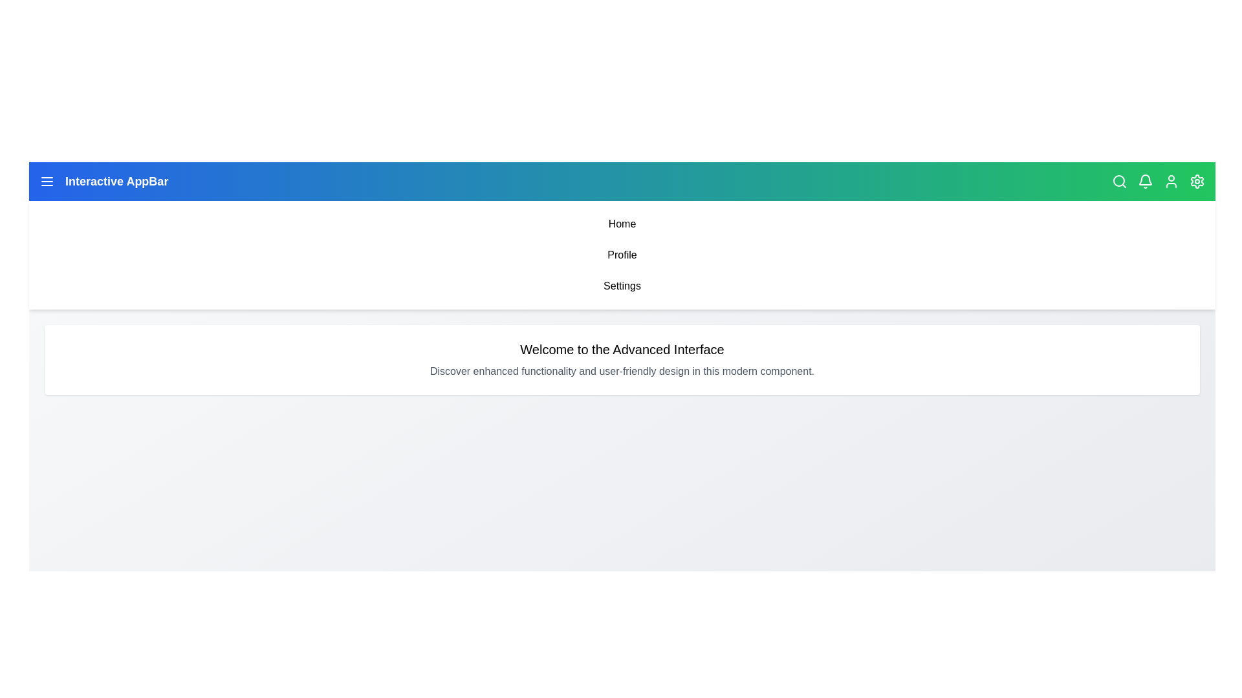  Describe the element at coordinates (47, 182) in the screenshot. I see `the hamburger icon to toggle the menu visibility` at that location.